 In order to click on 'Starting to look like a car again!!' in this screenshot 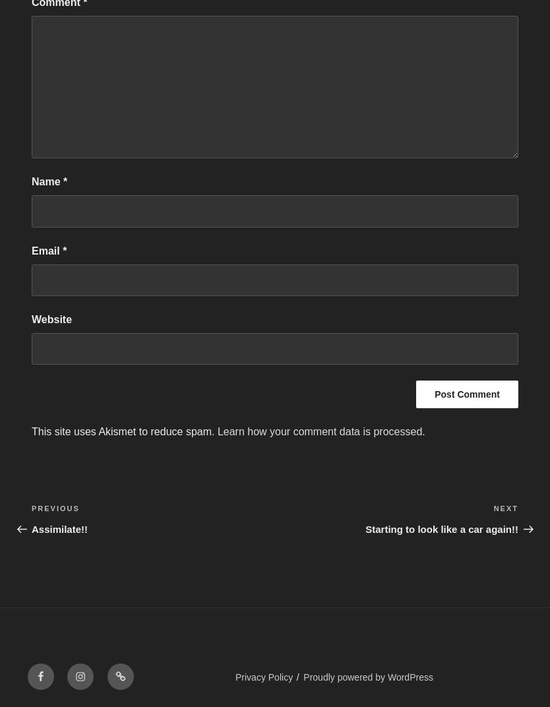, I will do `click(441, 528)`.